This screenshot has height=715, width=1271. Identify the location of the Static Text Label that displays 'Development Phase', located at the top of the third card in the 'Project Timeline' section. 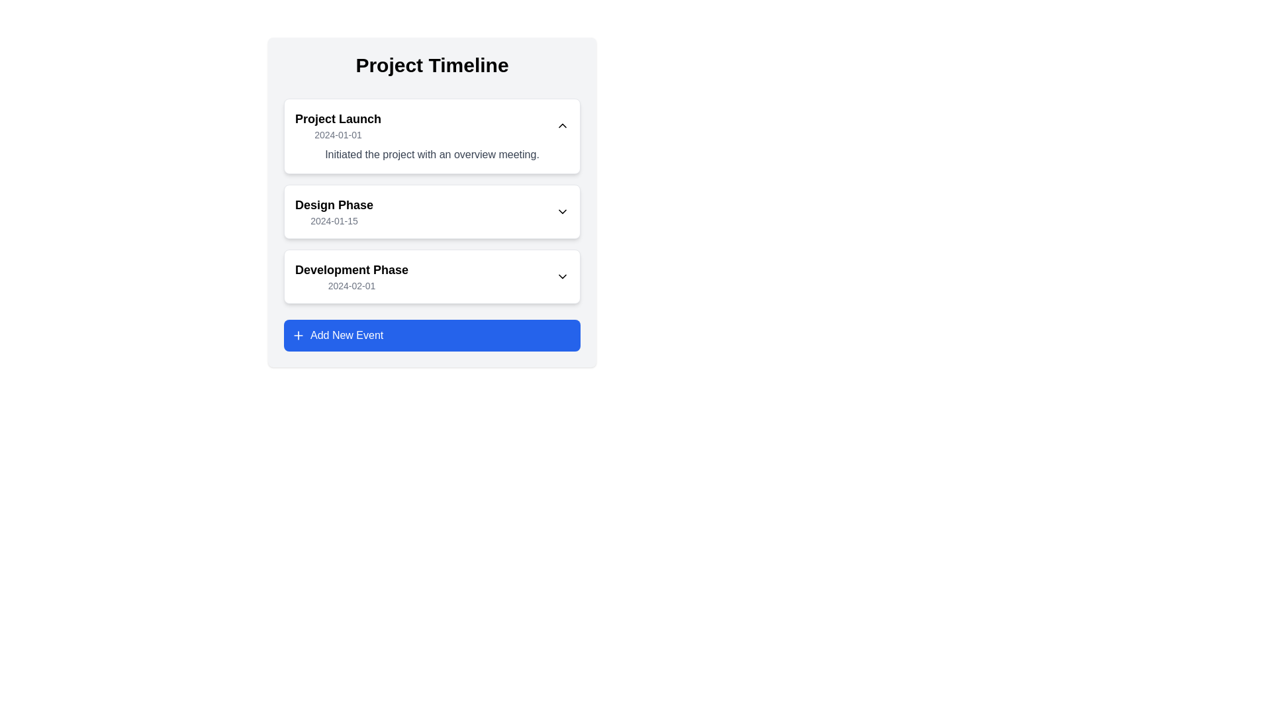
(352, 269).